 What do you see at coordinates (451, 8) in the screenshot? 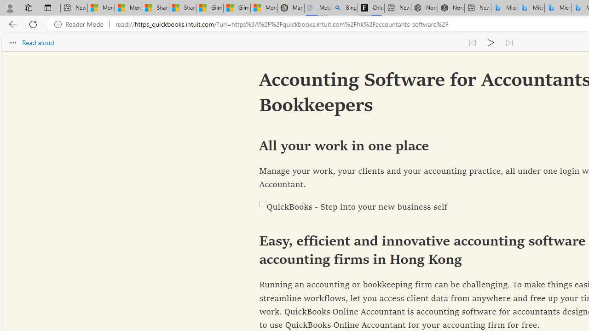
I see `'Nordace - #1 Japanese Best-Seller - Siena Smart Backpack'` at bounding box center [451, 8].